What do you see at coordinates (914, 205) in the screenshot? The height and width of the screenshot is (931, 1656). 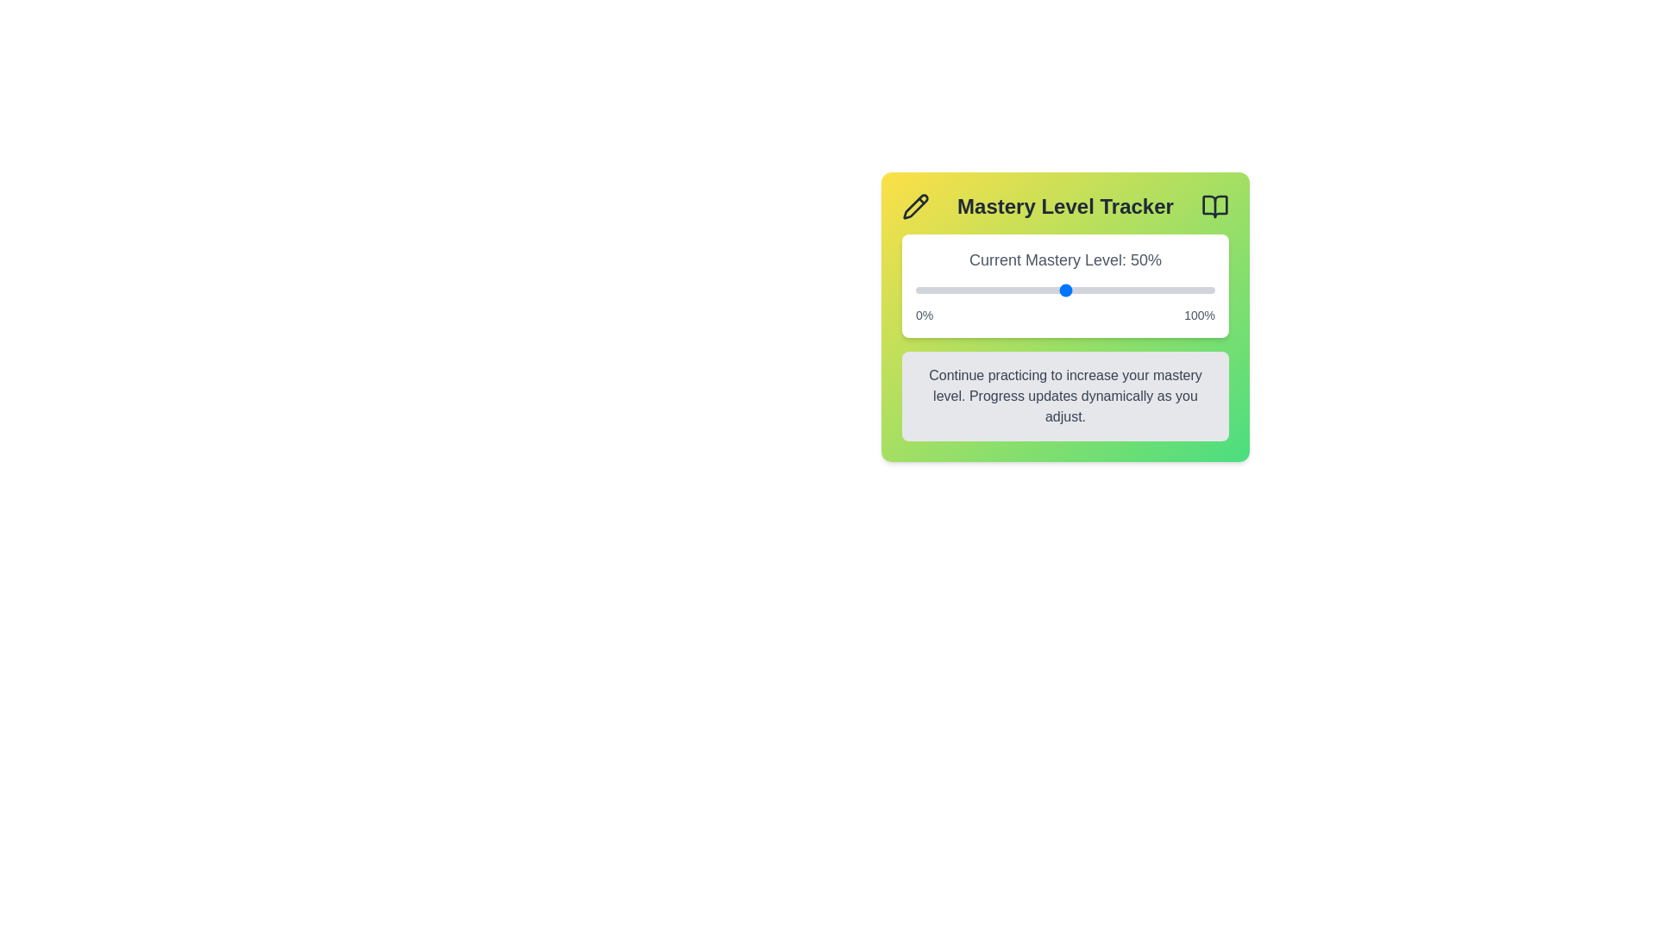 I see `the pencil icon to enable editing or interaction` at bounding box center [914, 205].